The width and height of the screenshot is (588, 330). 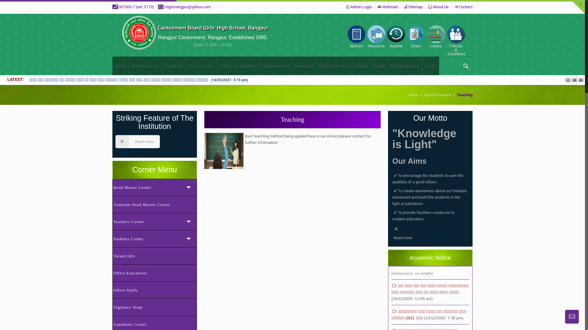 I want to click on 'Assistant Head Master Corner', so click(x=154, y=204).